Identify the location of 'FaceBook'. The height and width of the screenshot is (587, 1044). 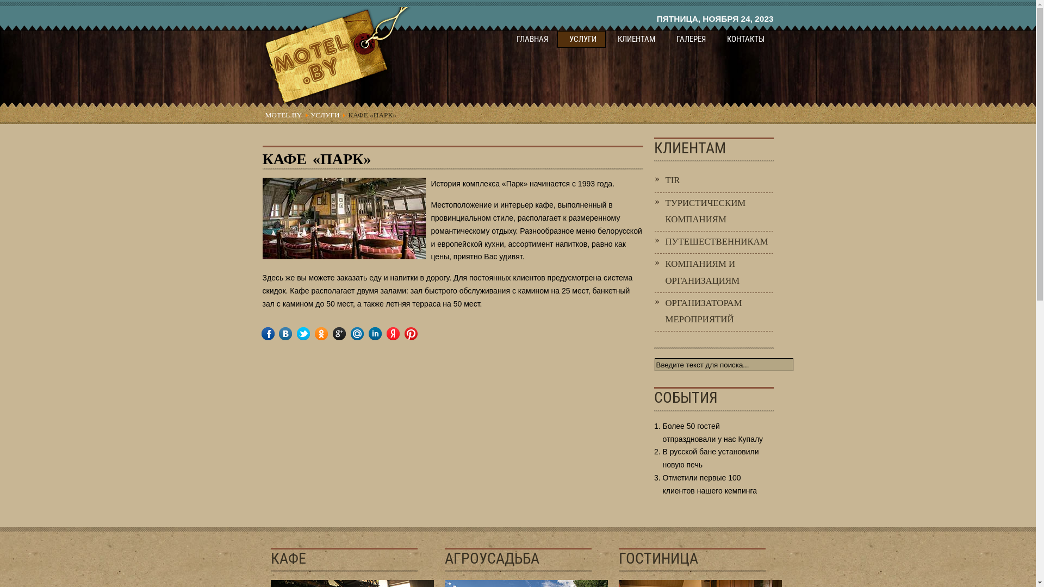
(275, 333).